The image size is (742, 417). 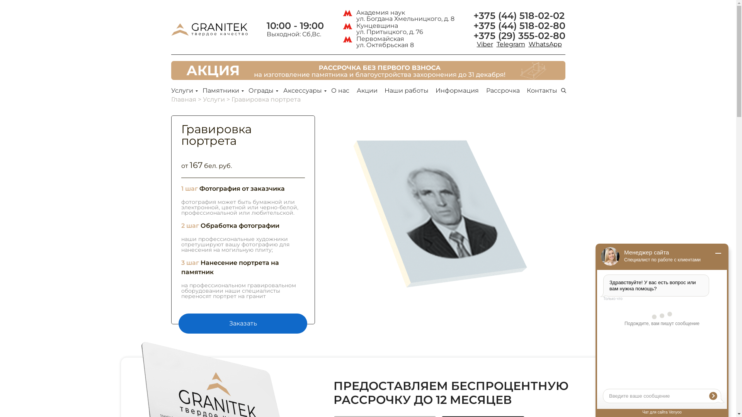 I want to click on '+375 (29) 355-02-80', so click(x=473, y=36).